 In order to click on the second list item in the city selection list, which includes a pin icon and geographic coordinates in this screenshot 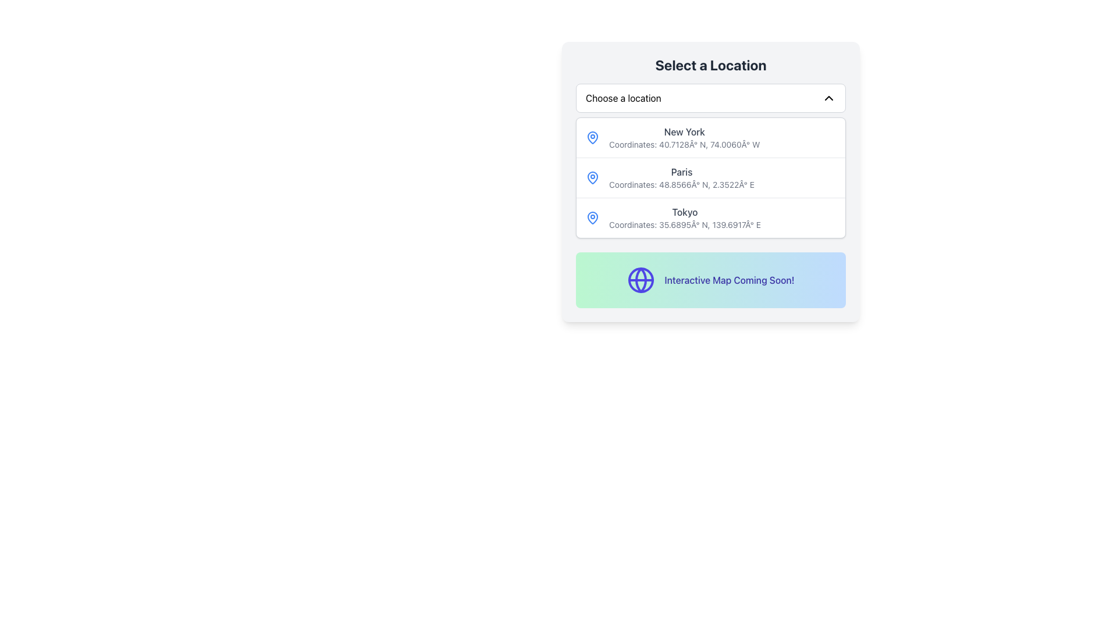, I will do `click(710, 177)`.